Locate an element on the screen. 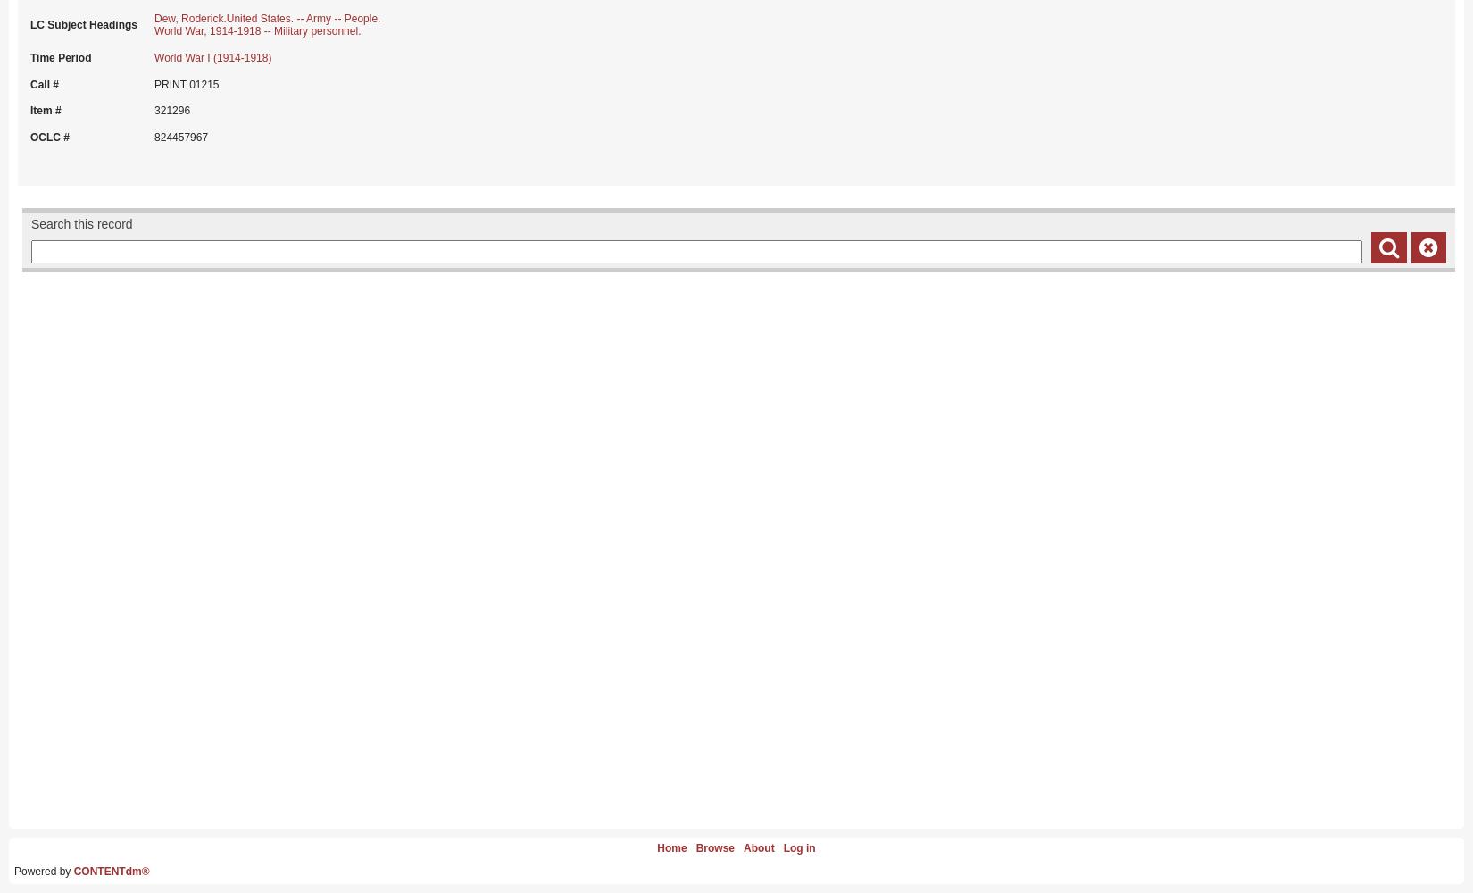 The image size is (1473, 893). 'Call #' is located at coordinates (44, 83).